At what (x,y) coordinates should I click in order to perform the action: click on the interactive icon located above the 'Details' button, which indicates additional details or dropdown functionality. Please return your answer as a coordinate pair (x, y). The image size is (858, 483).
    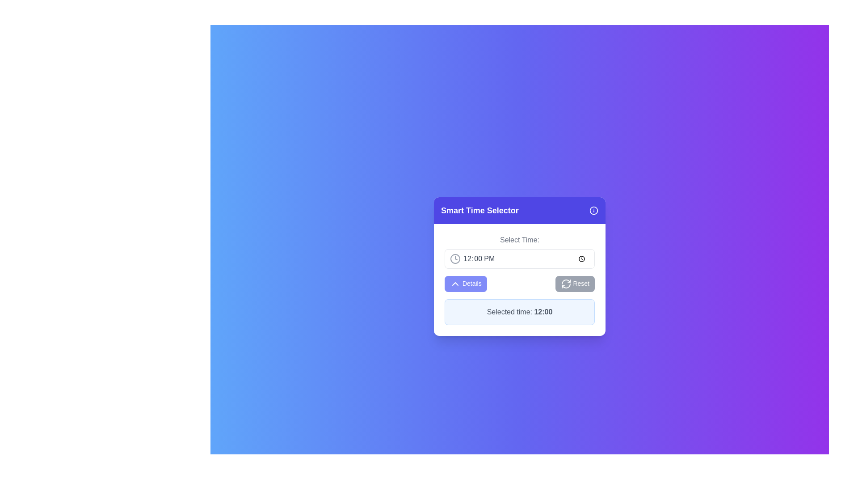
    Looking at the image, I should click on (455, 284).